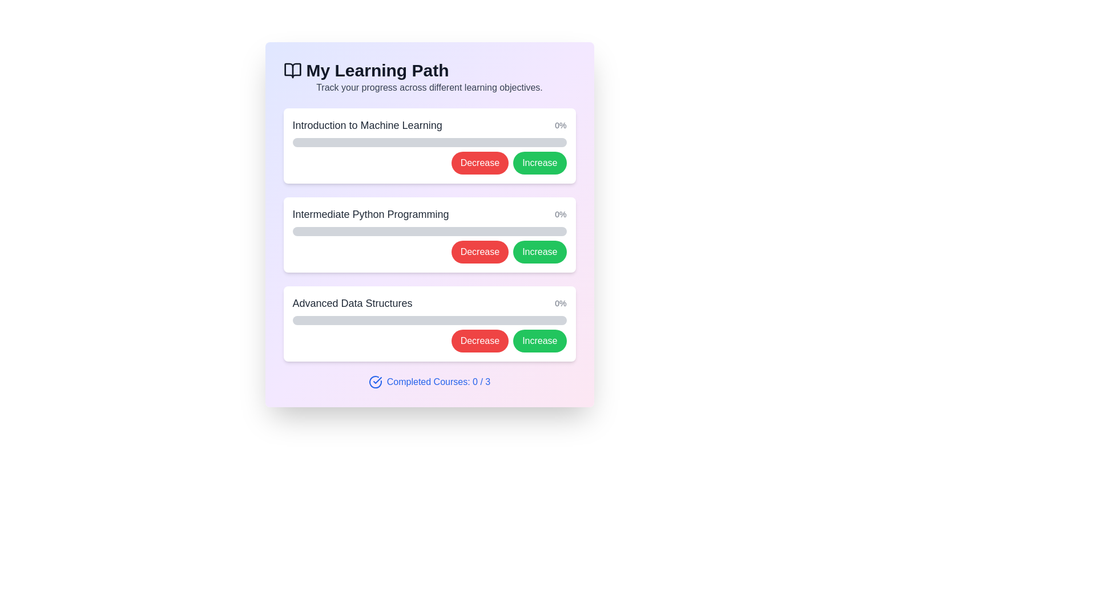 Image resolution: width=1096 pixels, height=616 pixels. I want to click on the progress percentage Label adjacent to 'Advanced Data Structures', so click(561, 303).